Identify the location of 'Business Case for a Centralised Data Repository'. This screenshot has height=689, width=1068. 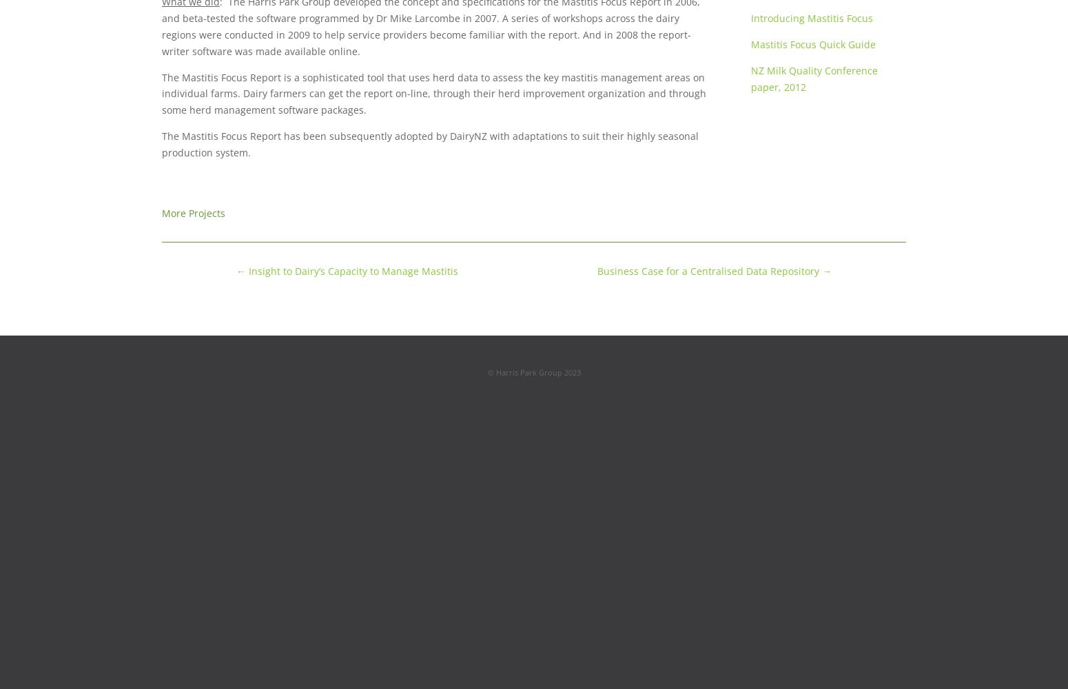
(597, 270).